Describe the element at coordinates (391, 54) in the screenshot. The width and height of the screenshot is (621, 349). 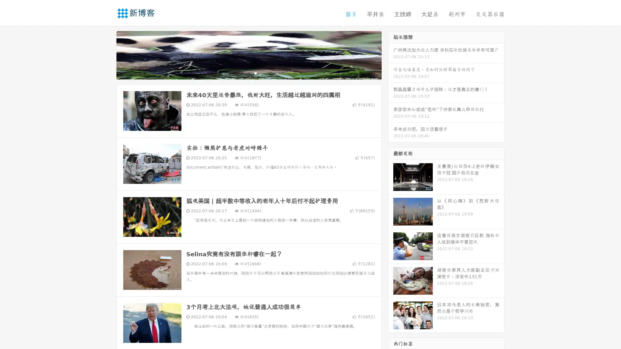
I see `Next slide` at that location.